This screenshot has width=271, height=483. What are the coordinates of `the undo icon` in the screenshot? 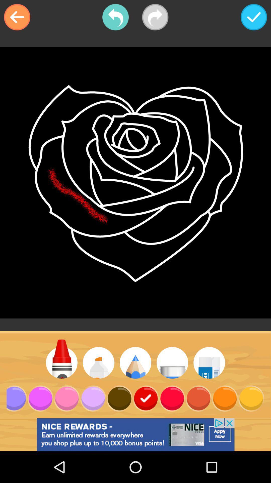 It's located at (115, 17).